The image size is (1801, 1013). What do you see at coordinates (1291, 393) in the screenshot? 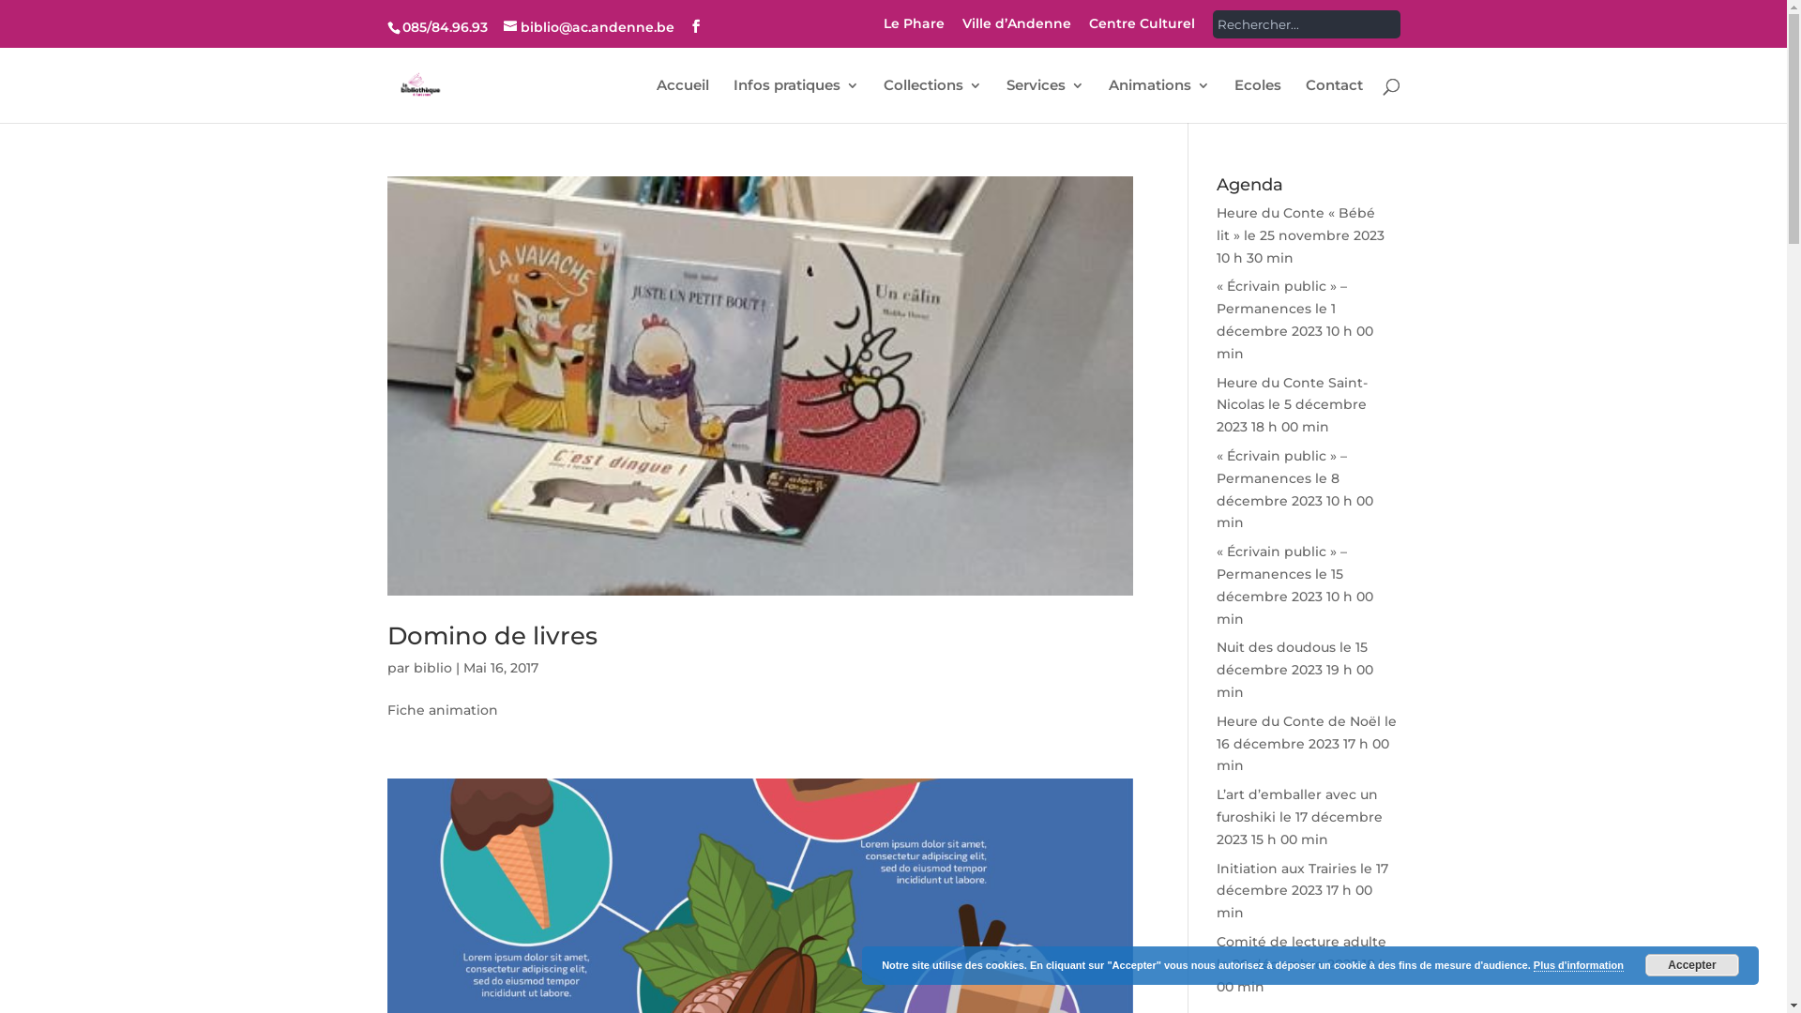
I see `'Heure du Conte Saint-Nicolas'` at bounding box center [1291, 393].